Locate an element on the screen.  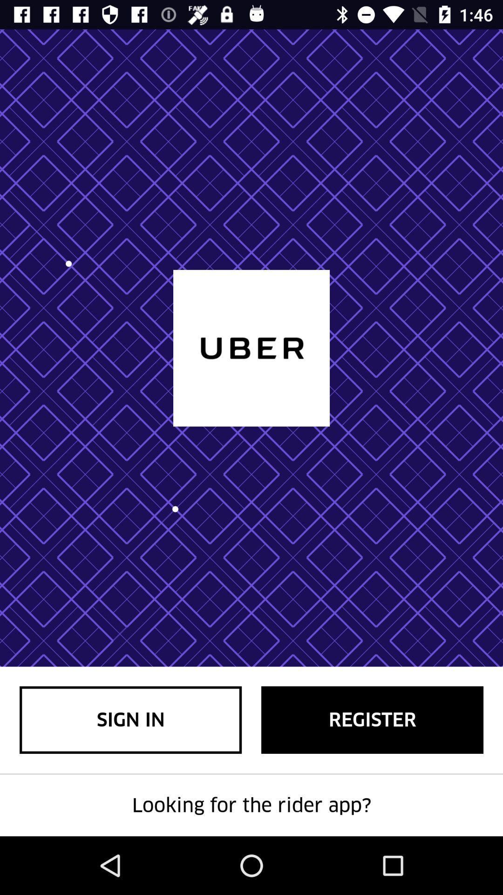
the item to the left of register item is located at coordinates (130, 719).